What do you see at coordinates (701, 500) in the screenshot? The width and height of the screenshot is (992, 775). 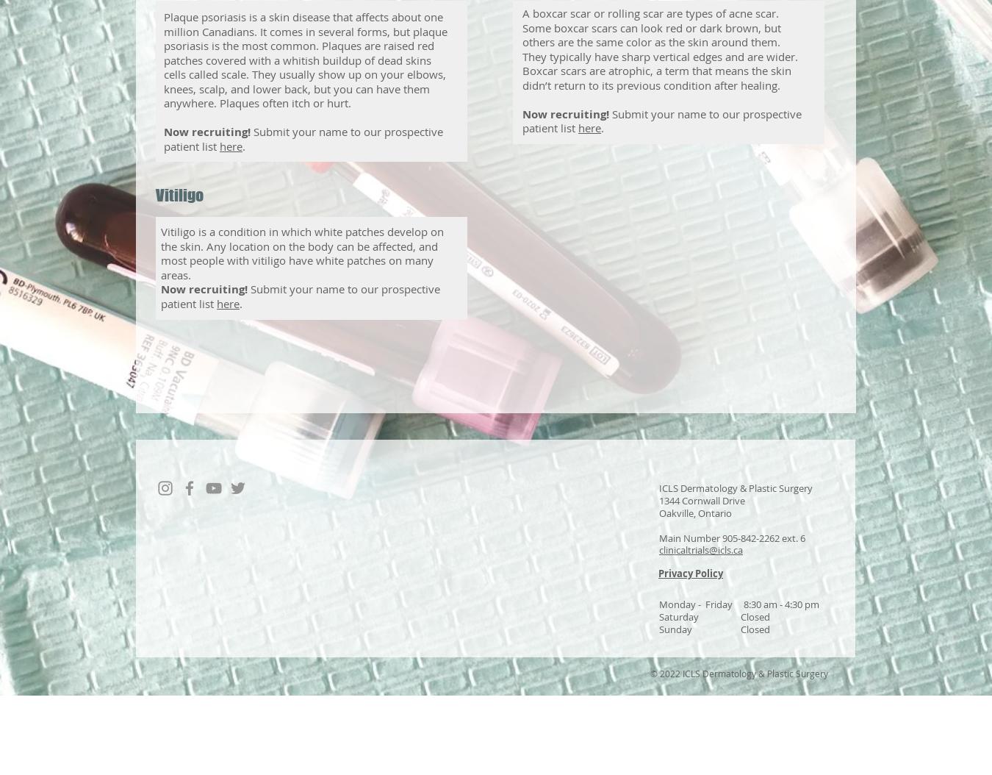 I see `'1344 Cornwall Drive'` at bounding box center [701, 500].